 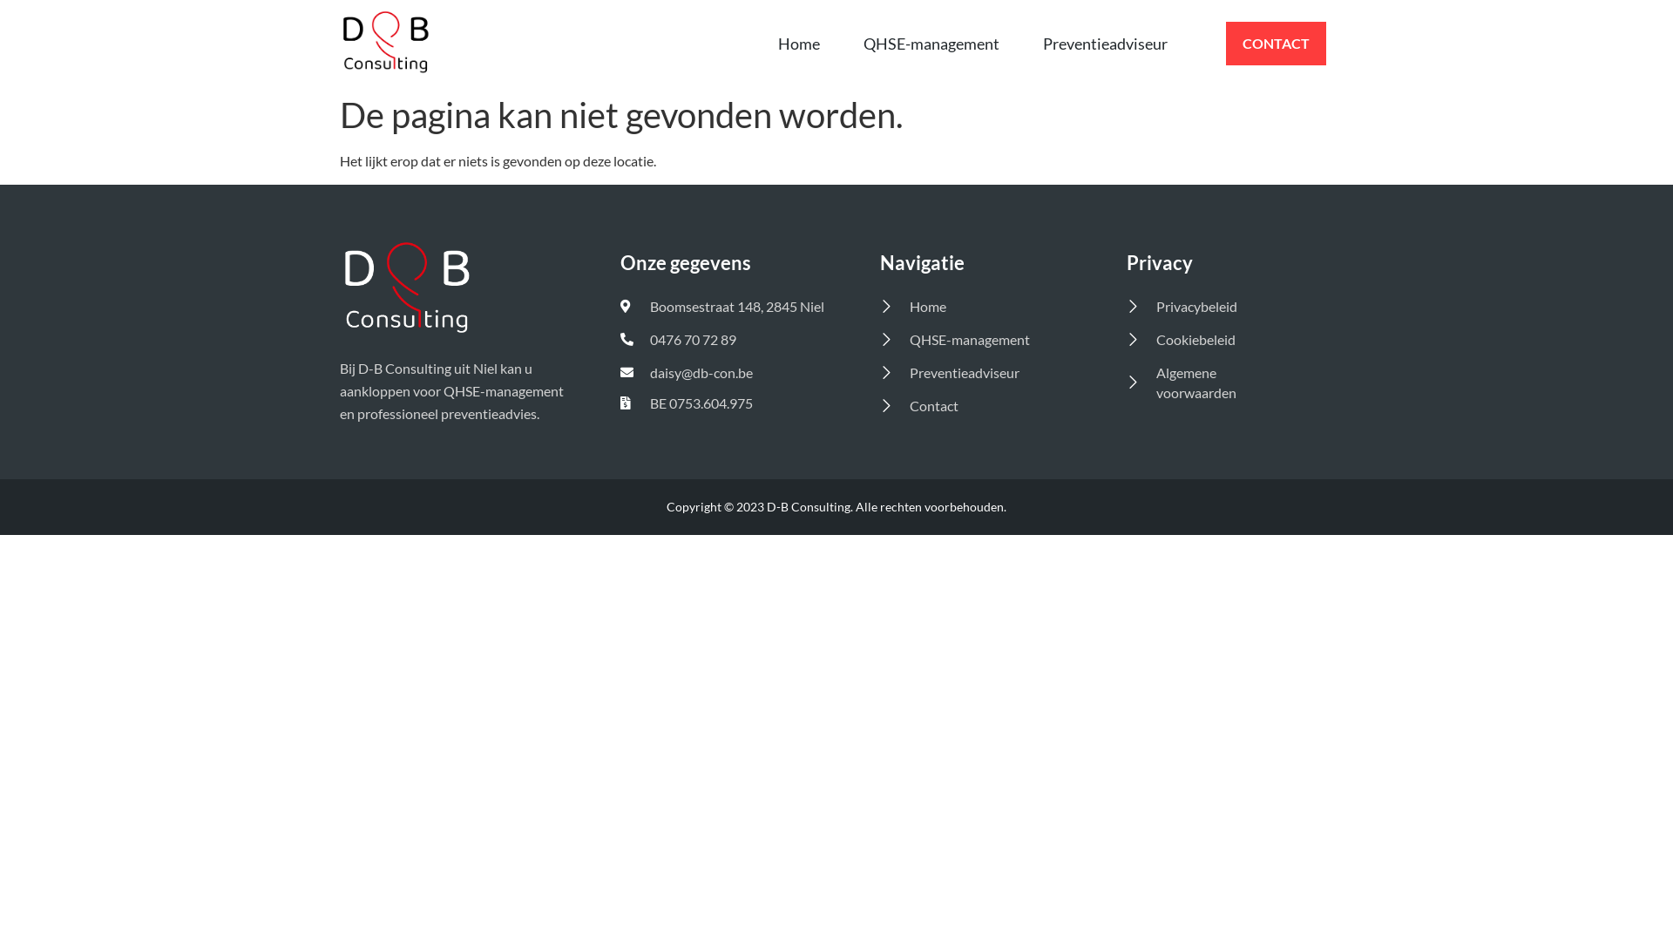 What do you see at coordinates (756, 43) in the screenshot?
I see `'Home'` at bounding box center [756, 43].